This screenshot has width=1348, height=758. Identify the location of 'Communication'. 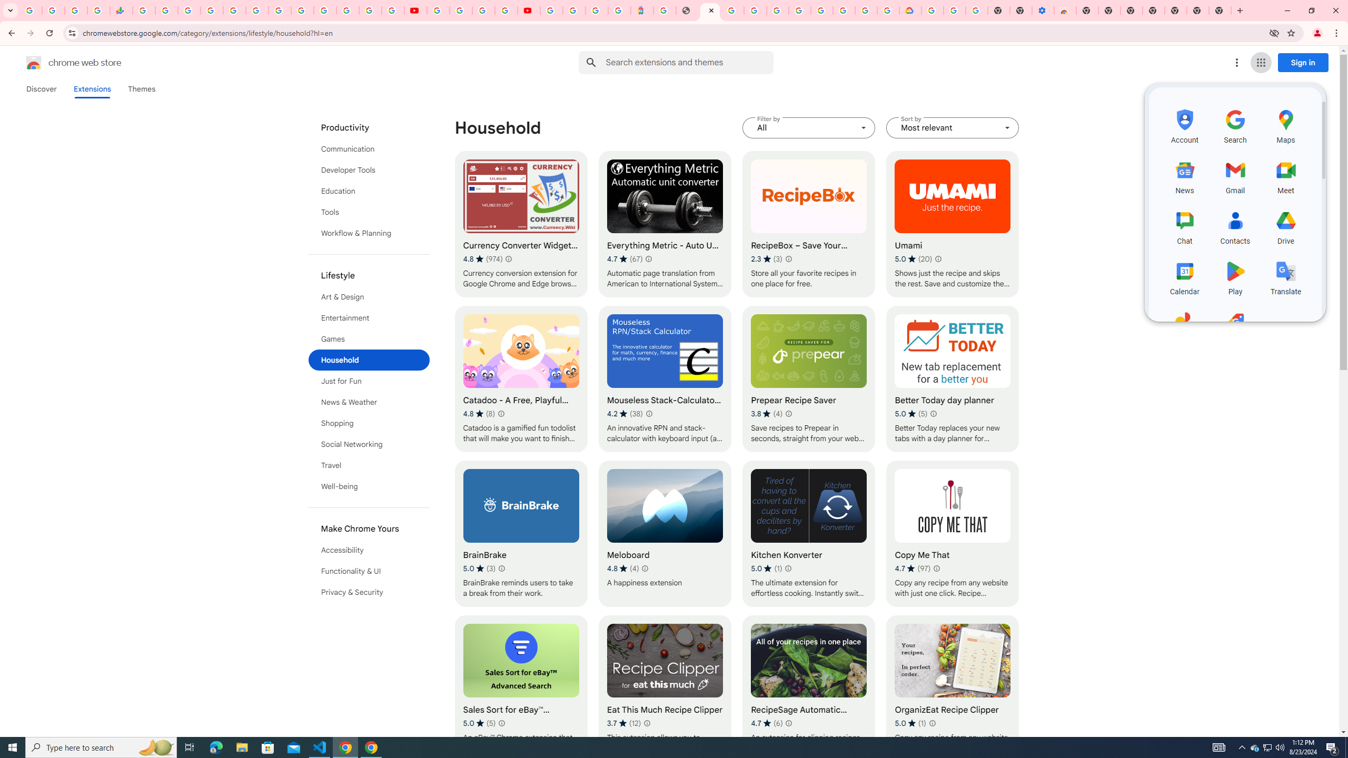
(369, 148).